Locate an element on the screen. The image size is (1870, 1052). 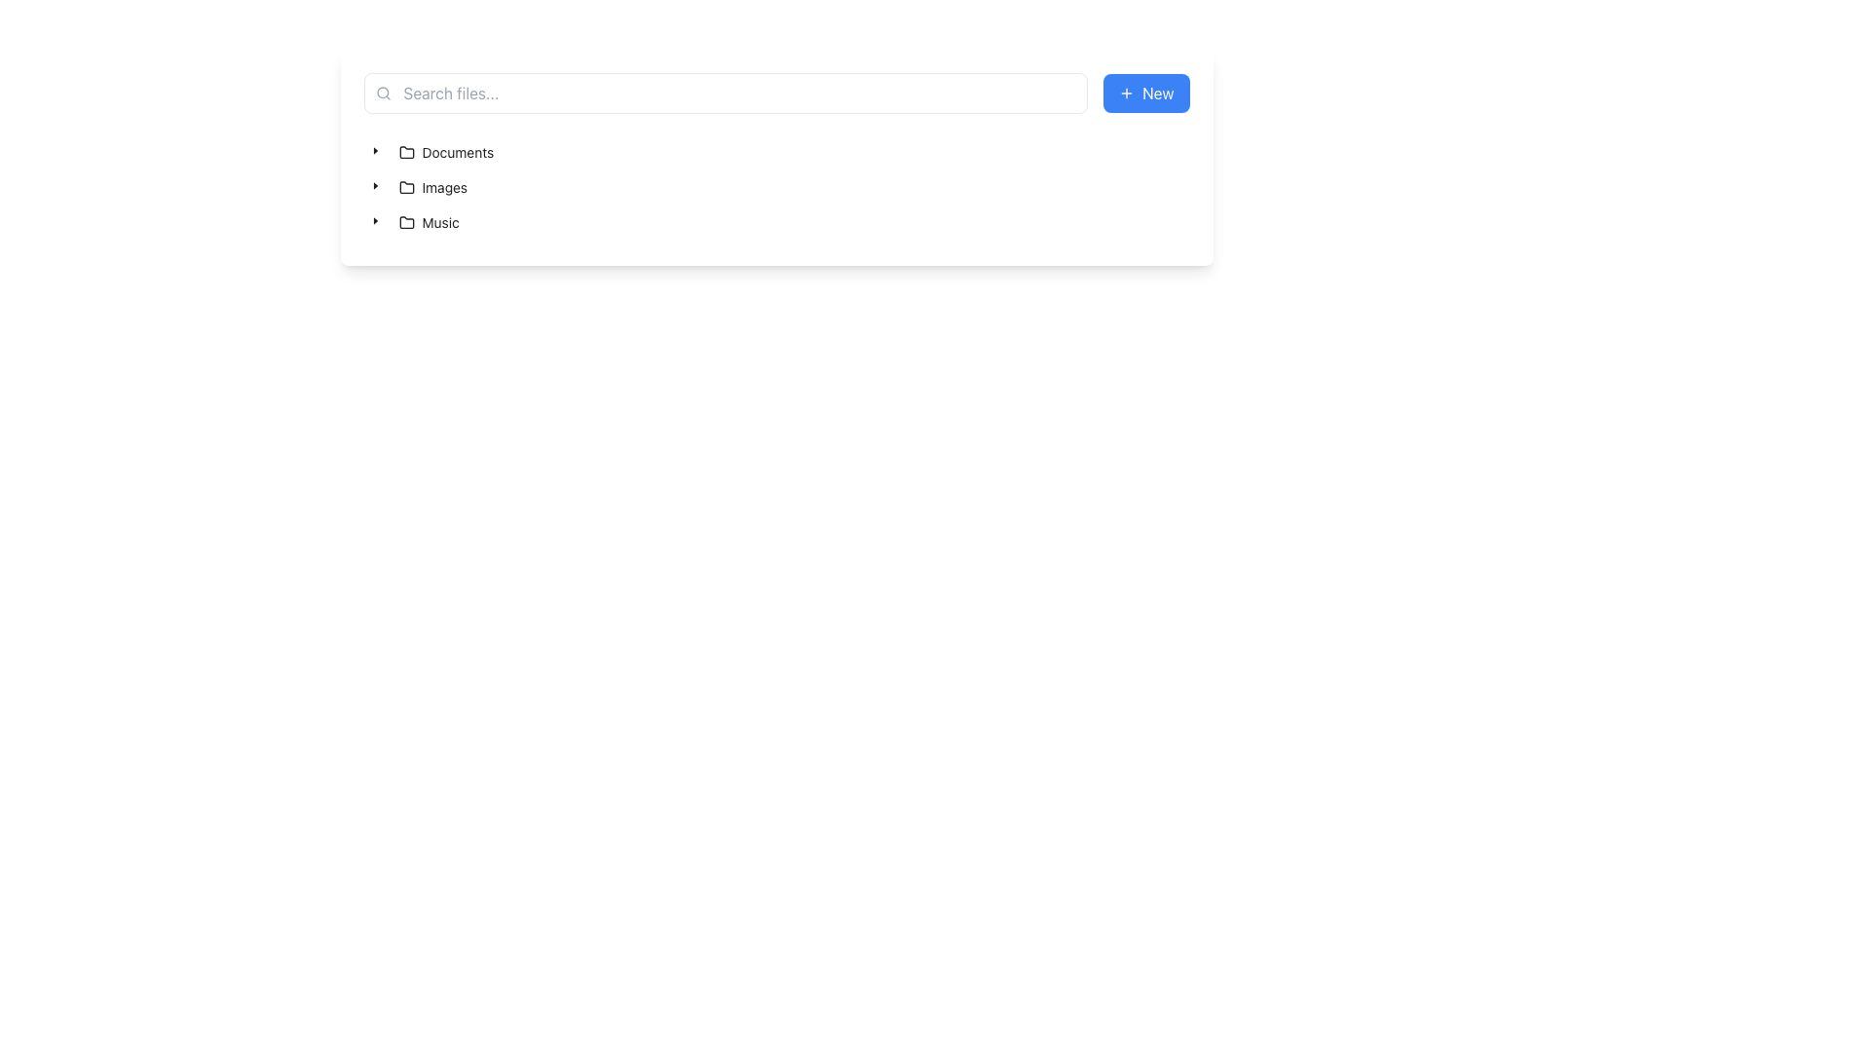
the 'Documents' label with a folder icon is located at coordinates (444, 152).